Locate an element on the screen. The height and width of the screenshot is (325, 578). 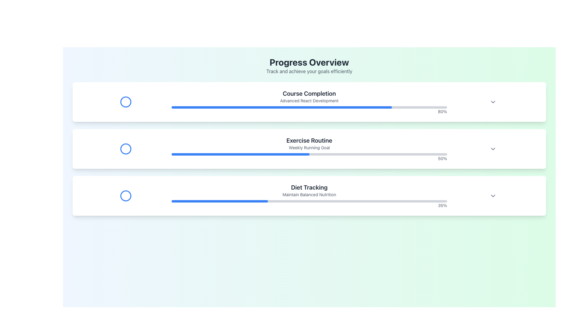
the Progress bar in the 'Diet Tracking' section, which indicates 35% completion, located beneath the section title is located at coordinates (309, 201).